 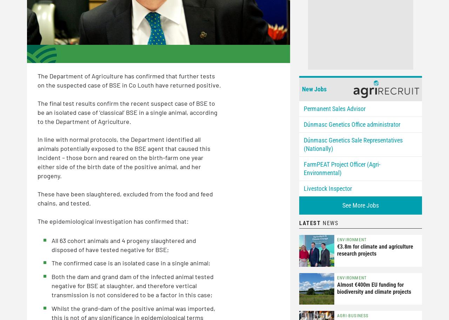 What do you see at coordinates (337, 287) in the screenshot?
I see `'Almost €400m EU funding for biodiversity and climate projects'` at bounding box center [337, 287].